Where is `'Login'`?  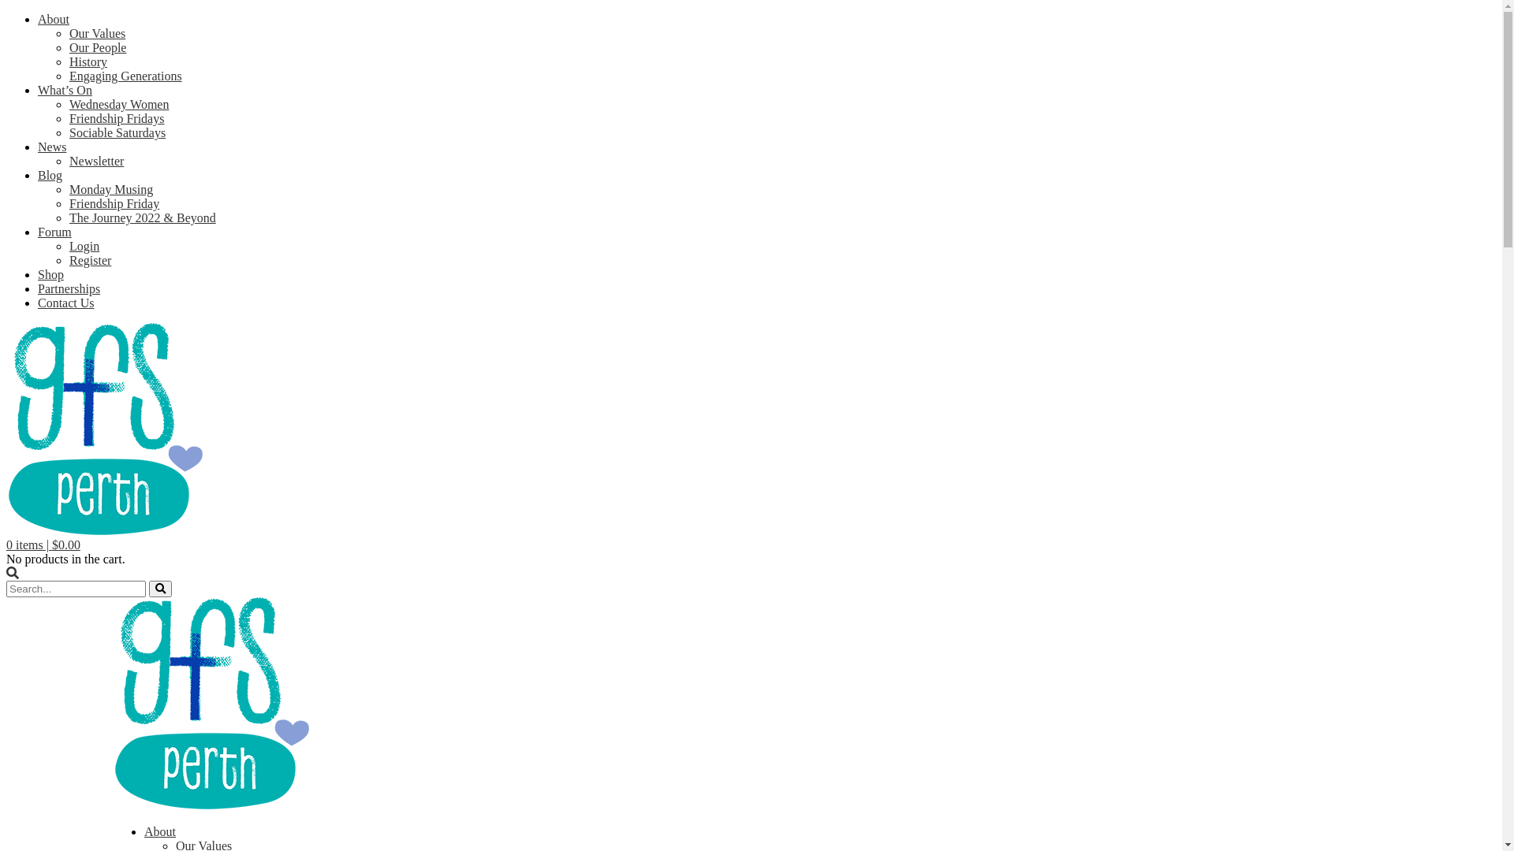
'Login' is located at coordinates (83, 246).